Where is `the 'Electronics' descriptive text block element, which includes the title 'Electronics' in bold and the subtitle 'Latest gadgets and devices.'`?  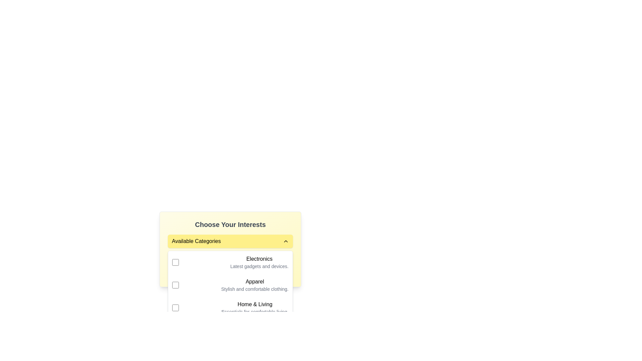 the 'Electronics' descriptive text block element, which includes the title 'Electronics' in bold and the subtitle 'Latest gadgets and devices.' is located at coordinates (259, 262).